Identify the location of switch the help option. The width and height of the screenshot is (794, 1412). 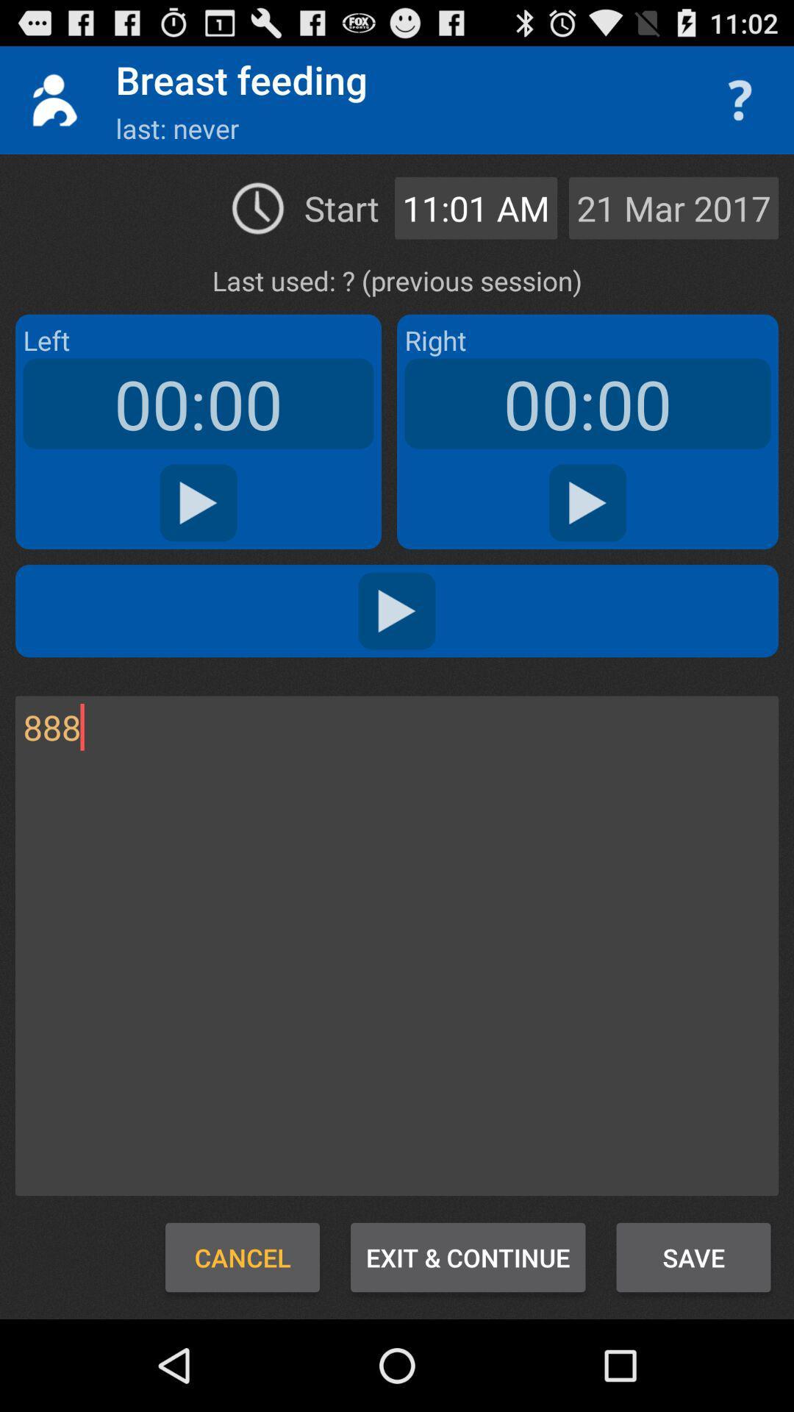
(740, 99).